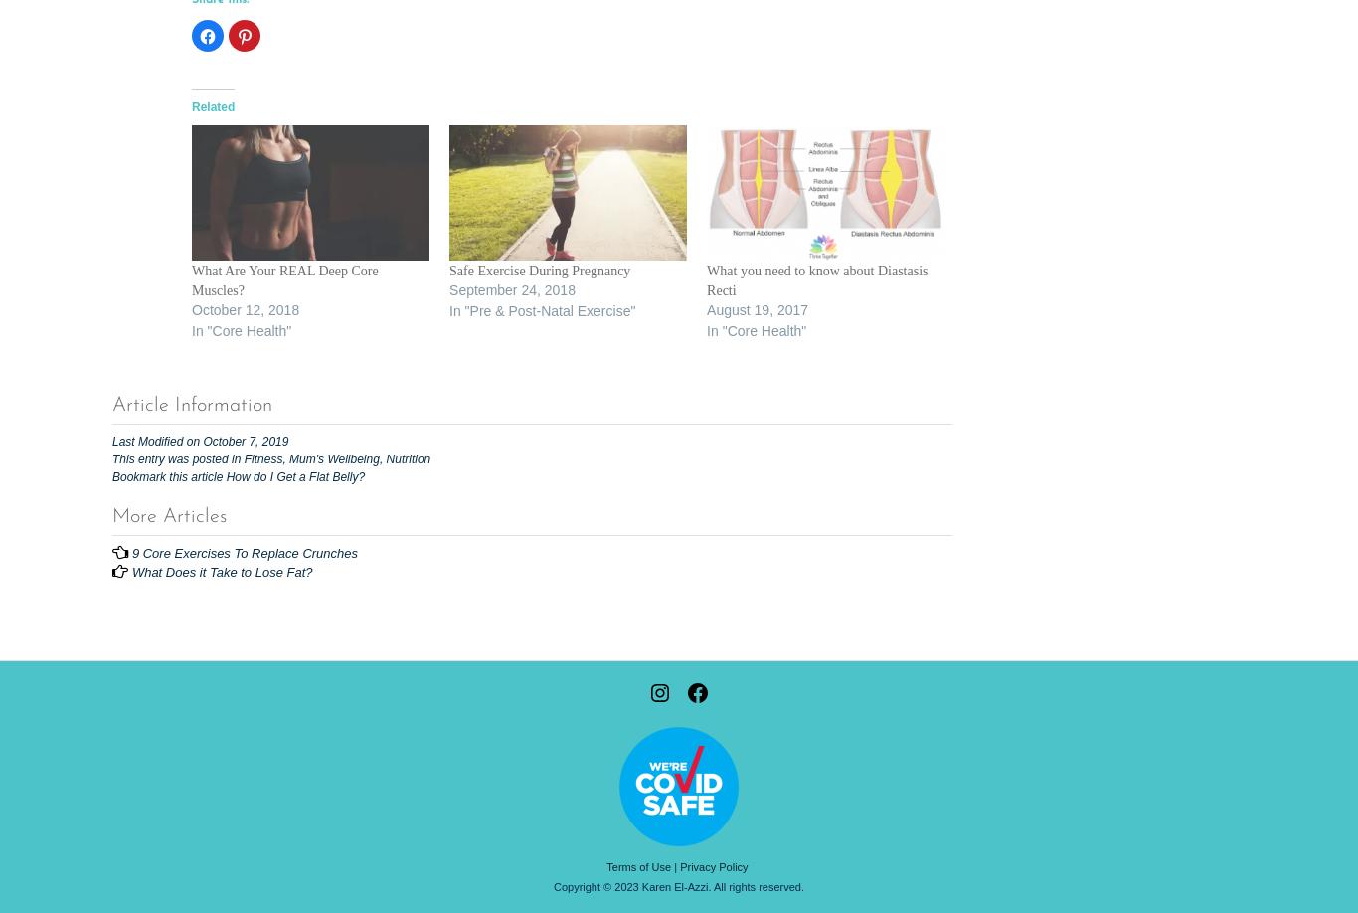  I want to click on 'More Articles', so click(168, 516).